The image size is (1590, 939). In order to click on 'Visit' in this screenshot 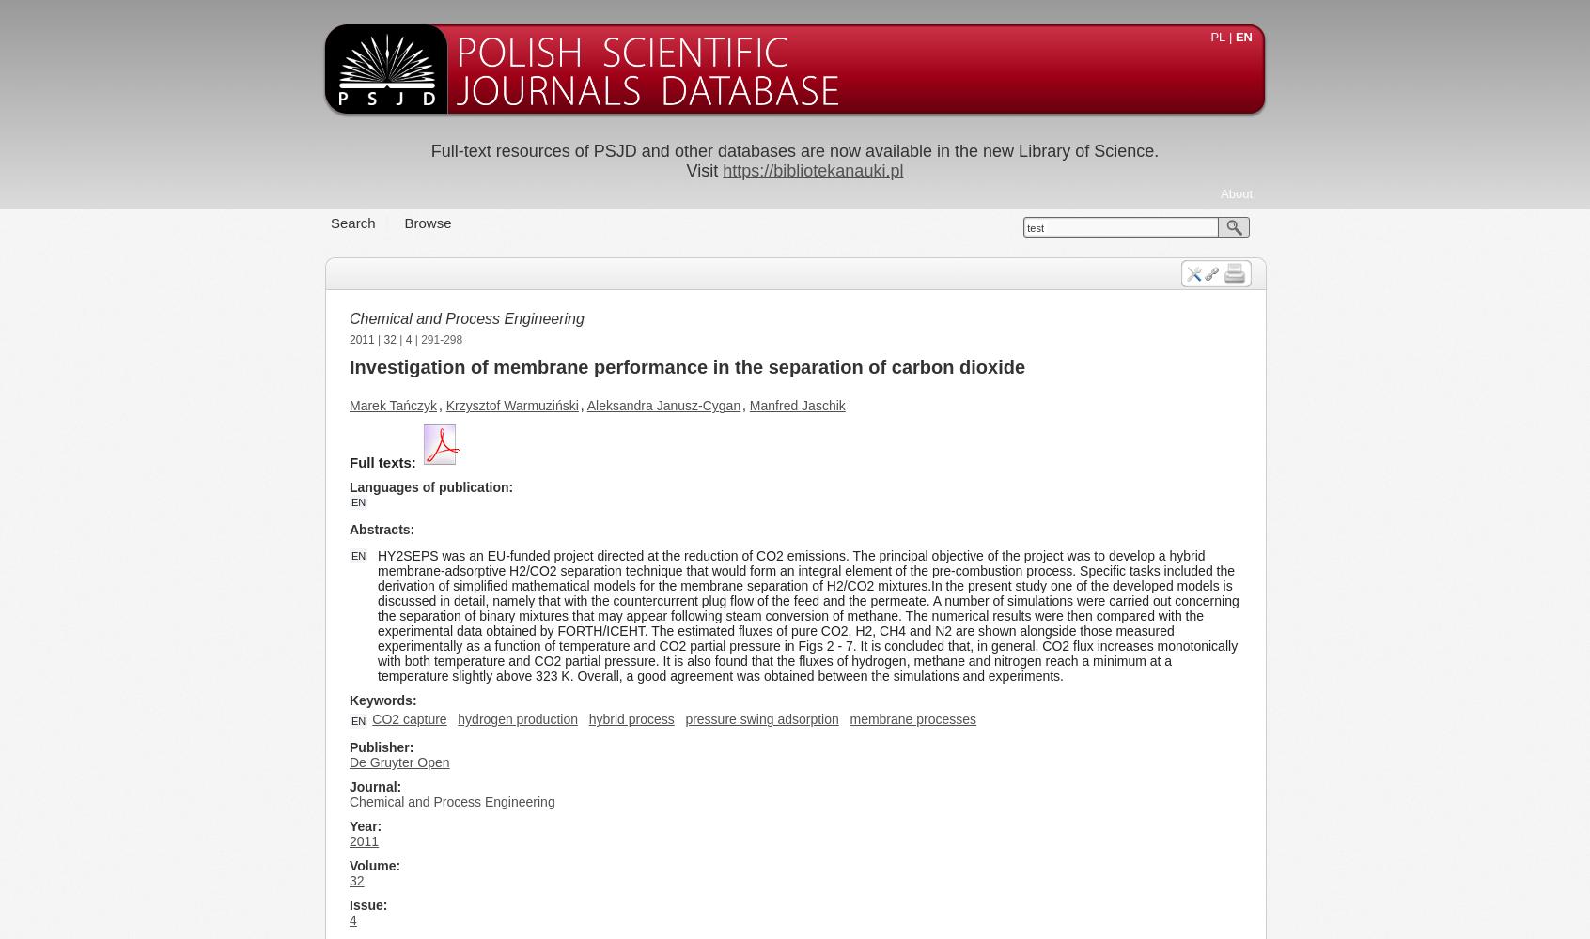, I will do `click(703, 171)`.